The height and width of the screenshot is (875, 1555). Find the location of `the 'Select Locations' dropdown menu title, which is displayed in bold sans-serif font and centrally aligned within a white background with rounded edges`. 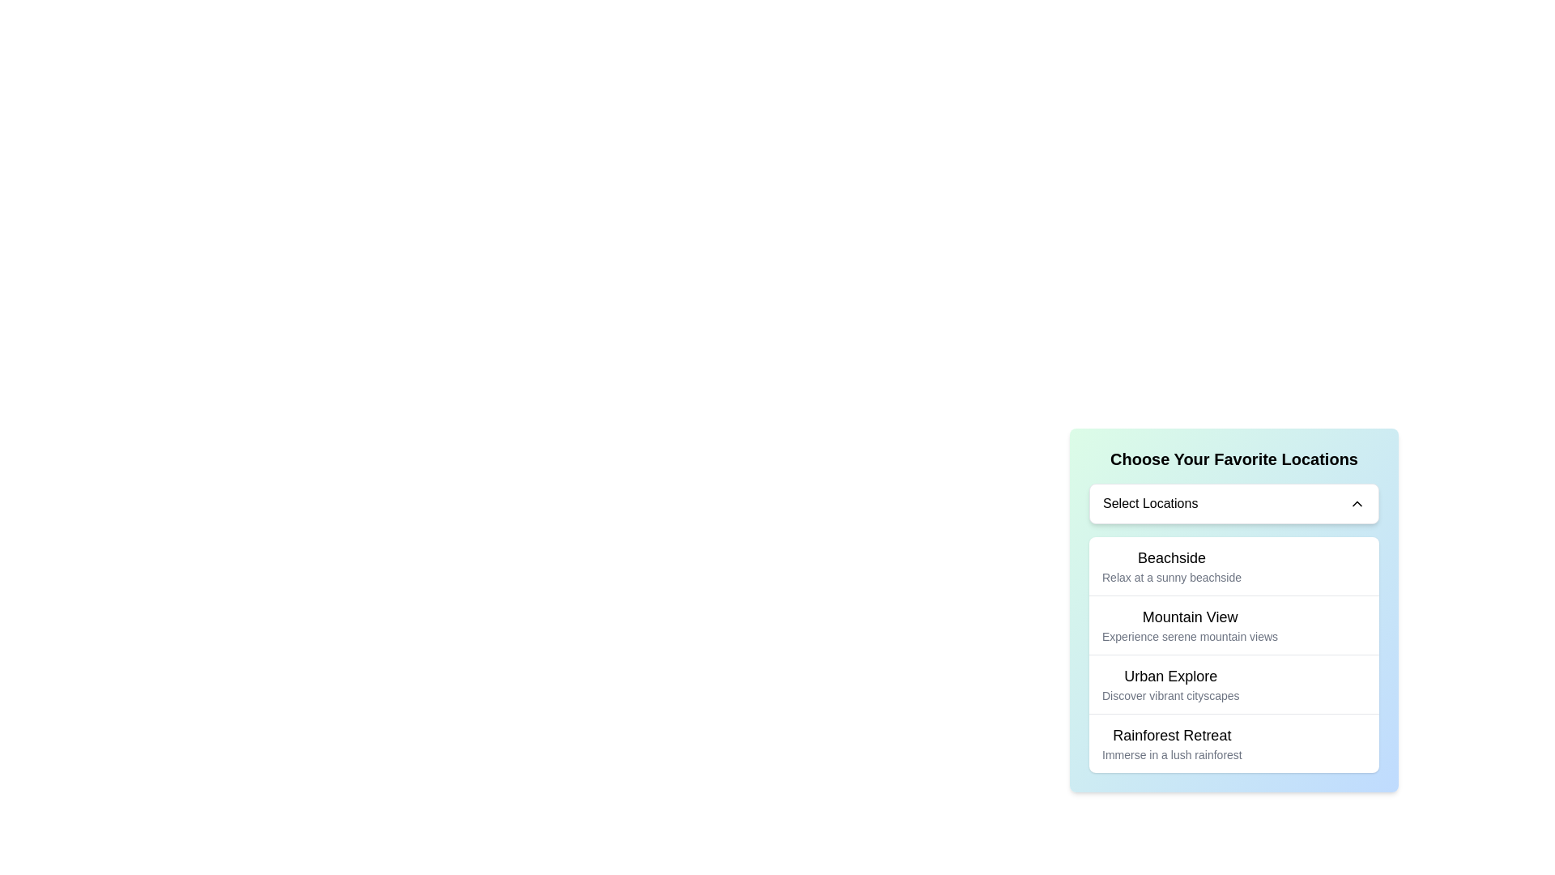

the 'Select Locations' dropdown menu title, which is displayed in bold sans-serif font and centrally aligned within a white background with rounded edges is located at coordinates (1149, 502).